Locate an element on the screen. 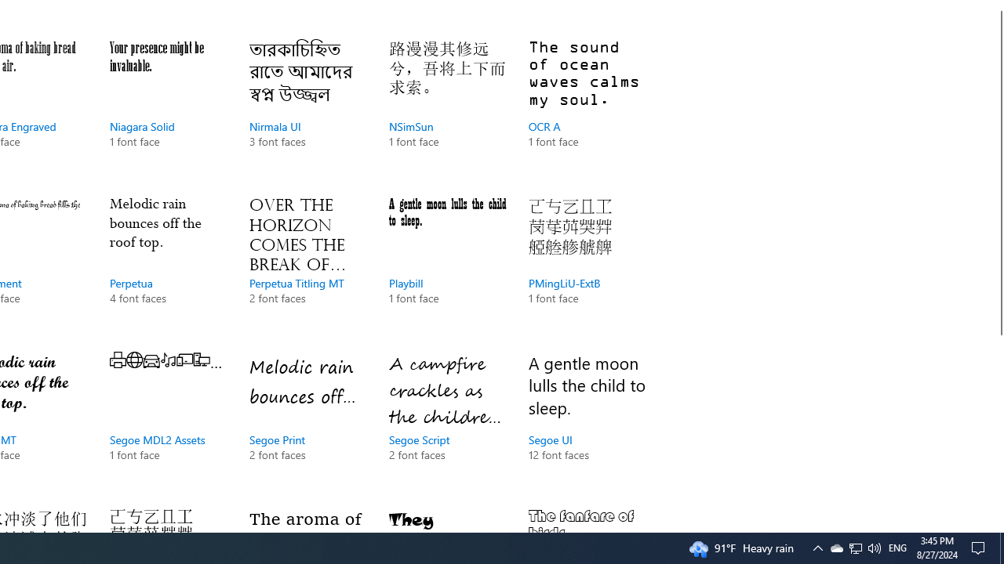  'STCaiyun, 1 font face' is located at coordinates (586, 516).